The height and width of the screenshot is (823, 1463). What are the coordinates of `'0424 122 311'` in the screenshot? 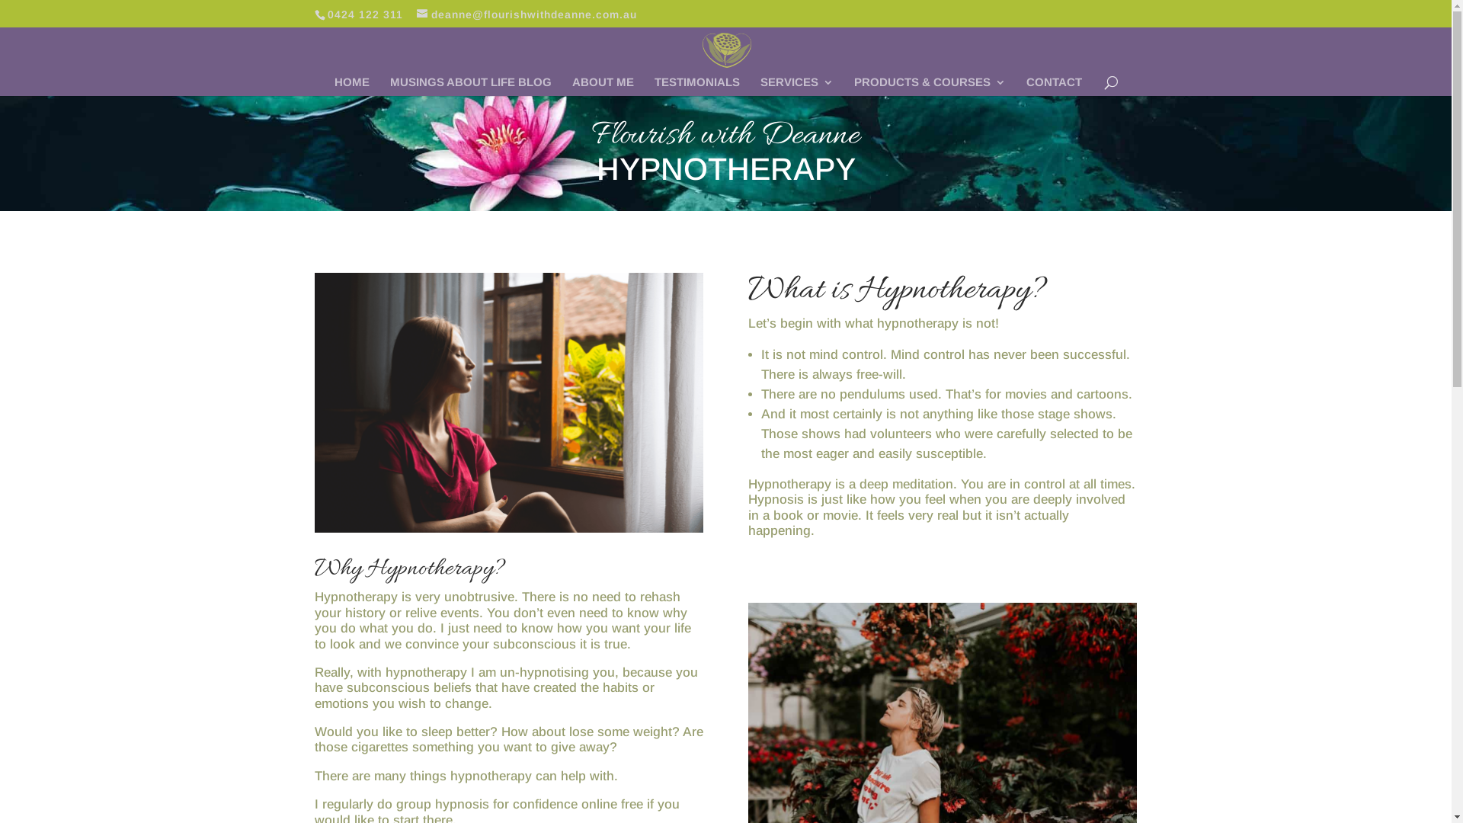 It's located at (364, 14).